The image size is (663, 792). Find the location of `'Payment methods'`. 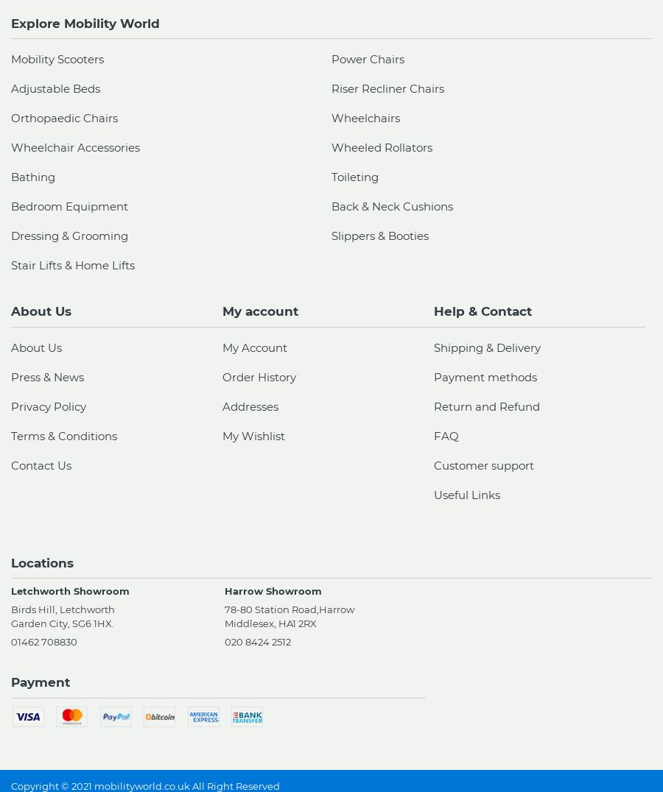

'Payment methods' is located at coordinates (485, 376).